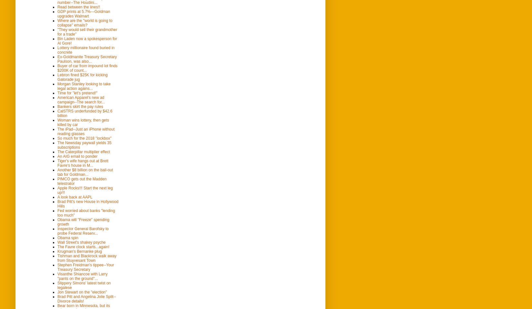  I want to click on 'So much for the 2018 "lockbox"', so click(84, 138).